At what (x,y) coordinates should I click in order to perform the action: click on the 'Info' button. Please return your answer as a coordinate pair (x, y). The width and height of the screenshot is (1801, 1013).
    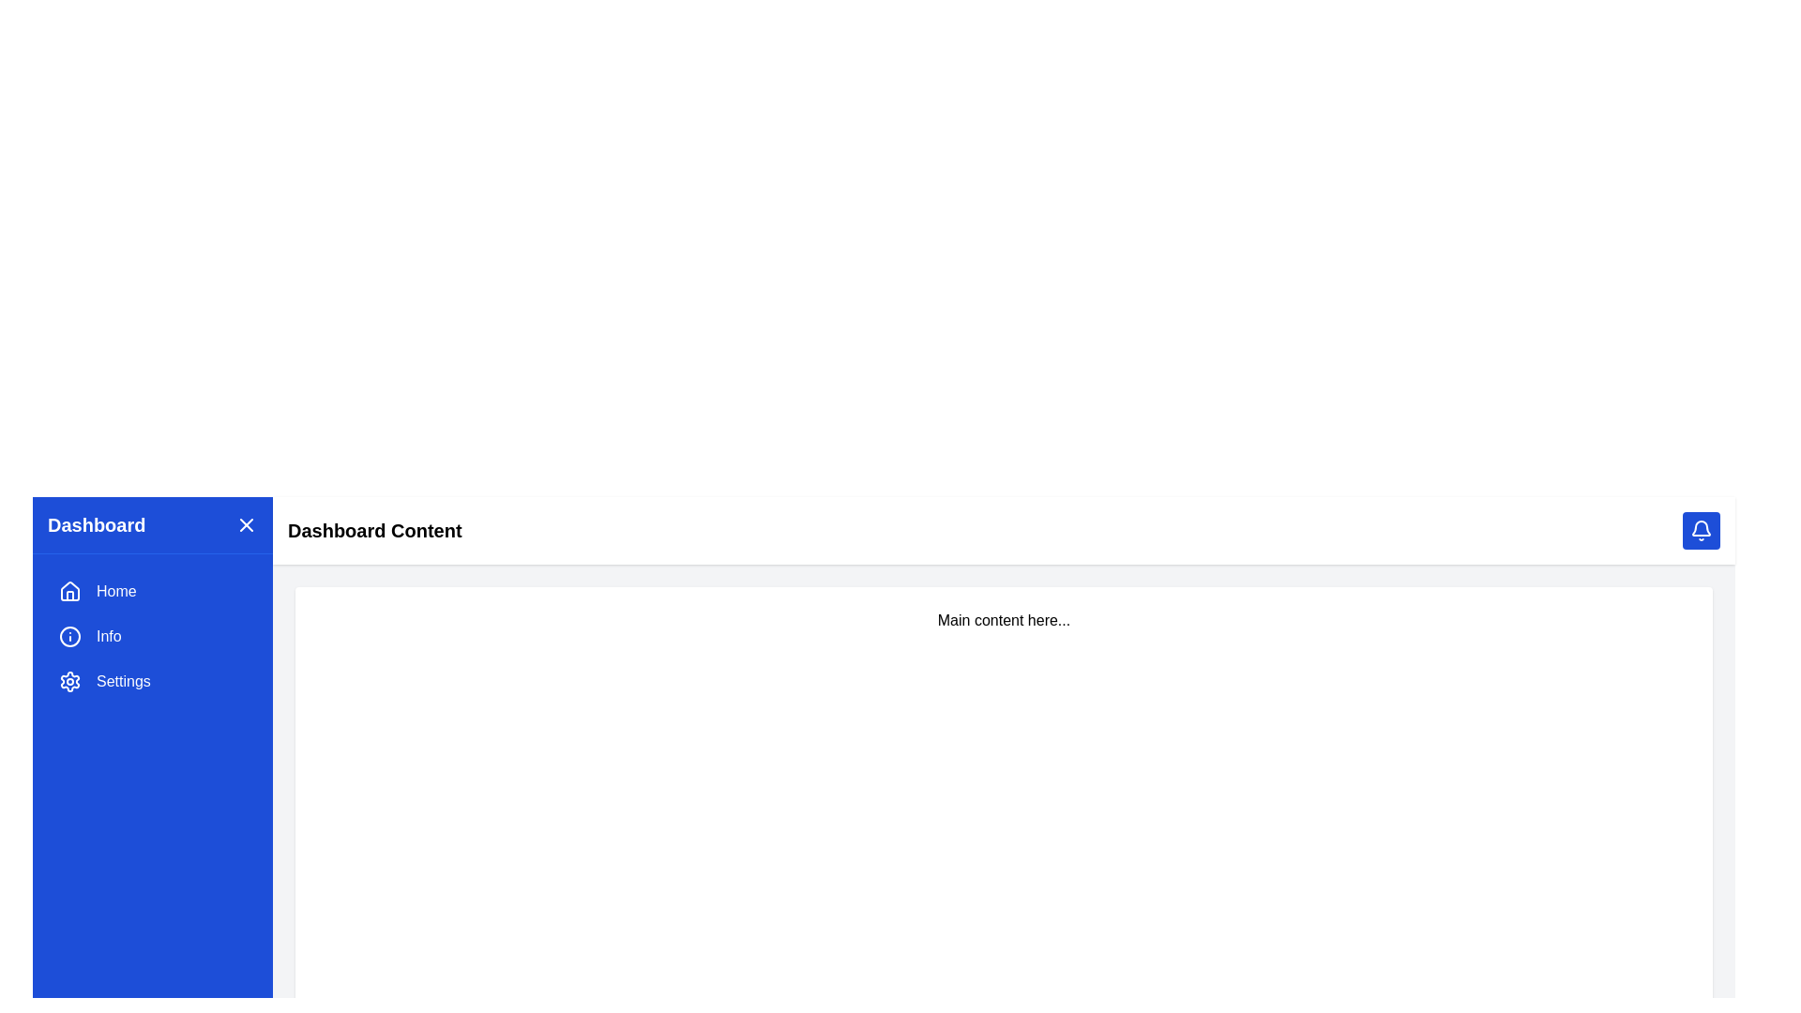
    Looking at the image, I should click on (153, 635).